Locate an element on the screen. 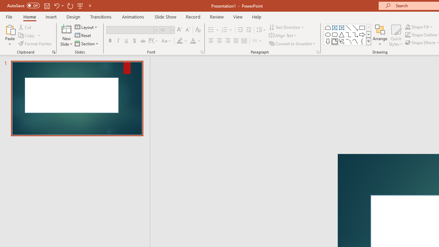  'Format Painter' is located at coordinates (35, 44).